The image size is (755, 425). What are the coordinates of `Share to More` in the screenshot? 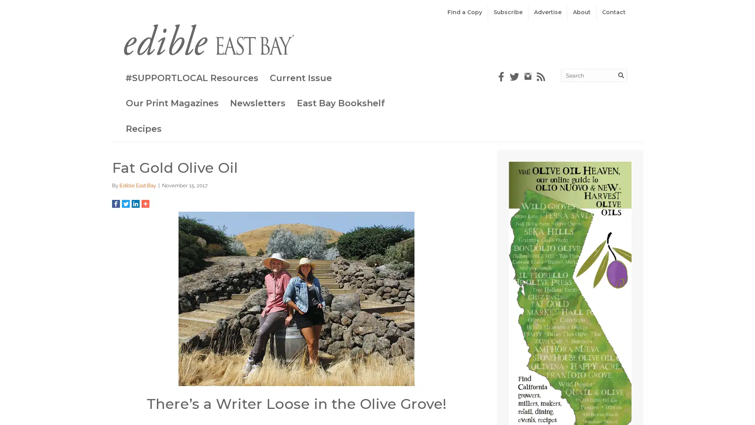 It's located at (142, 203).